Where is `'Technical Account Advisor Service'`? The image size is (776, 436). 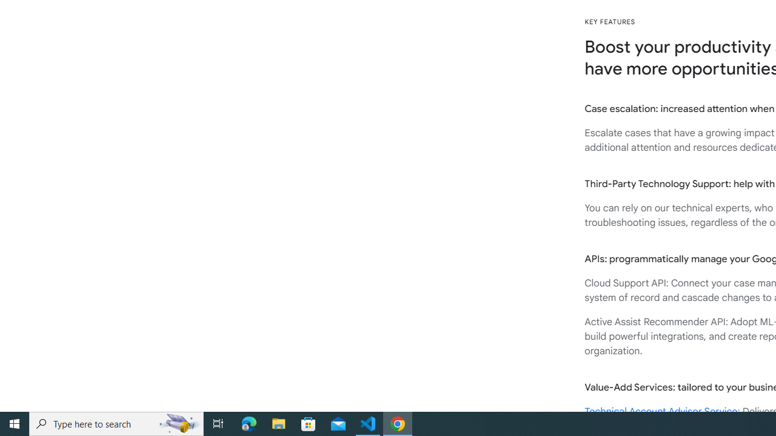
'Technical Account Advisor Service' is located at coordinates (660, 411).